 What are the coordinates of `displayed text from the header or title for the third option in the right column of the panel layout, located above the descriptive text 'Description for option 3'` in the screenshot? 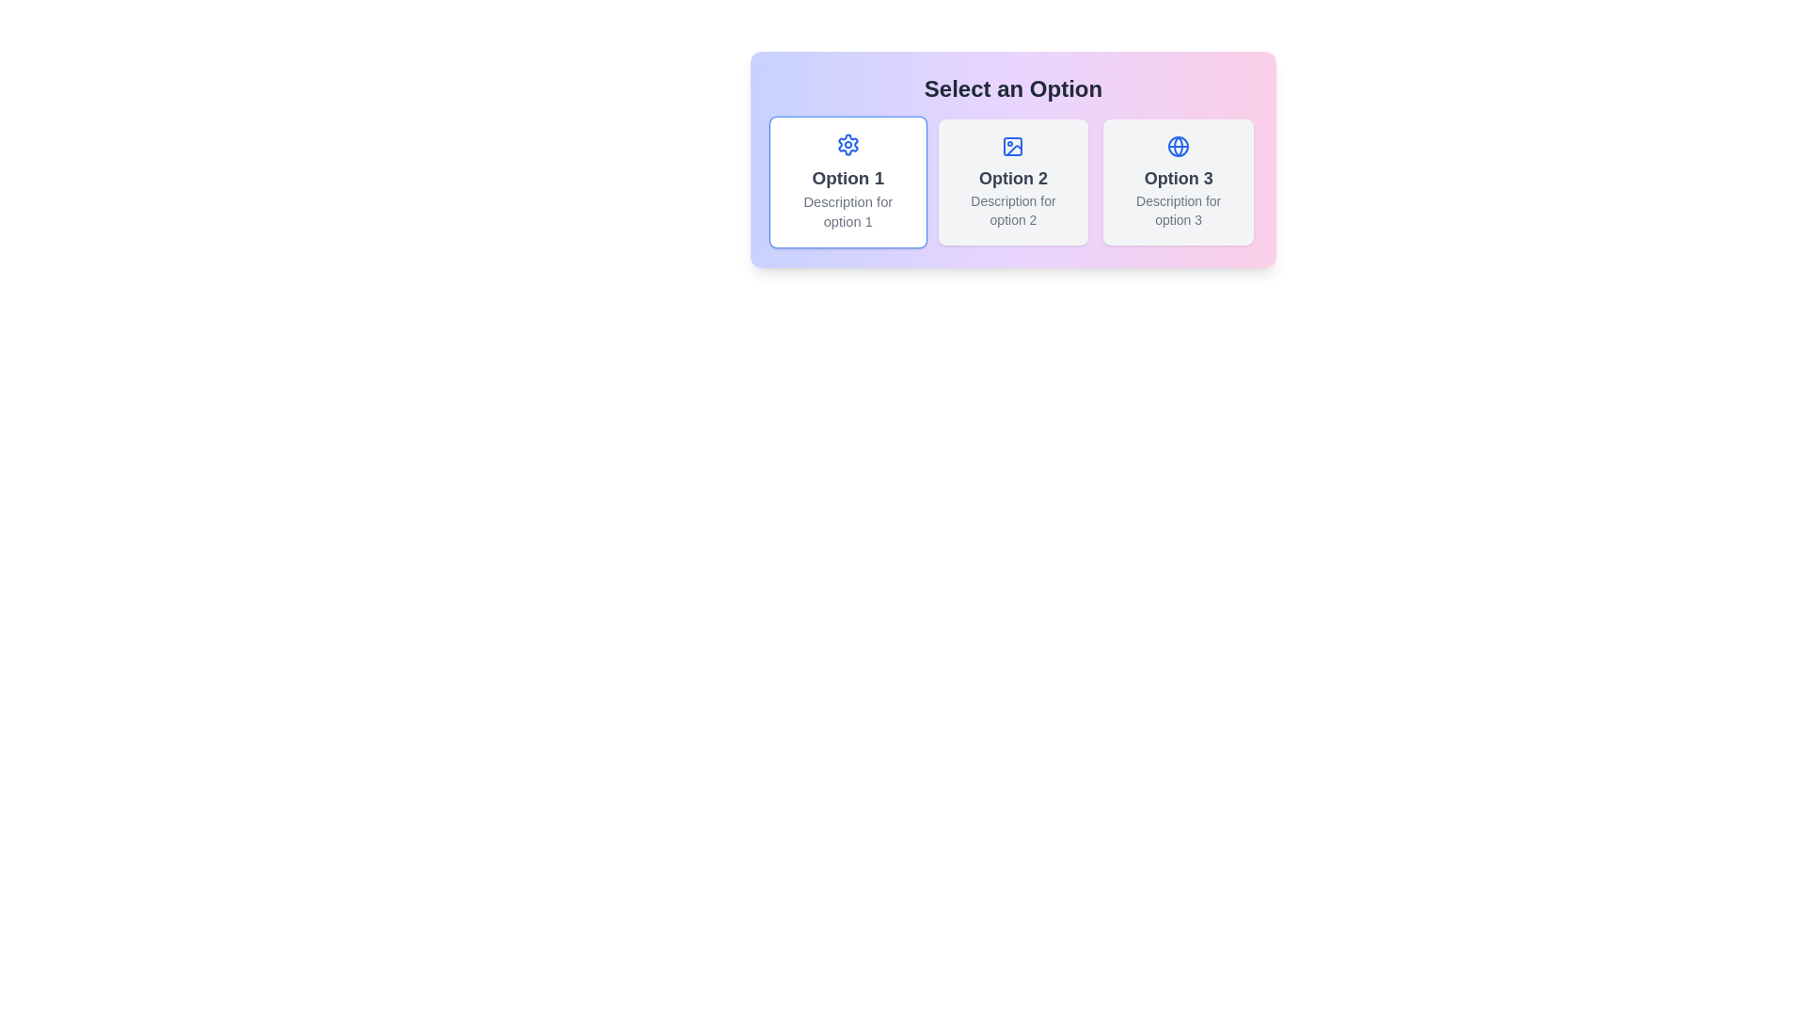 It's located at (1178, 178).